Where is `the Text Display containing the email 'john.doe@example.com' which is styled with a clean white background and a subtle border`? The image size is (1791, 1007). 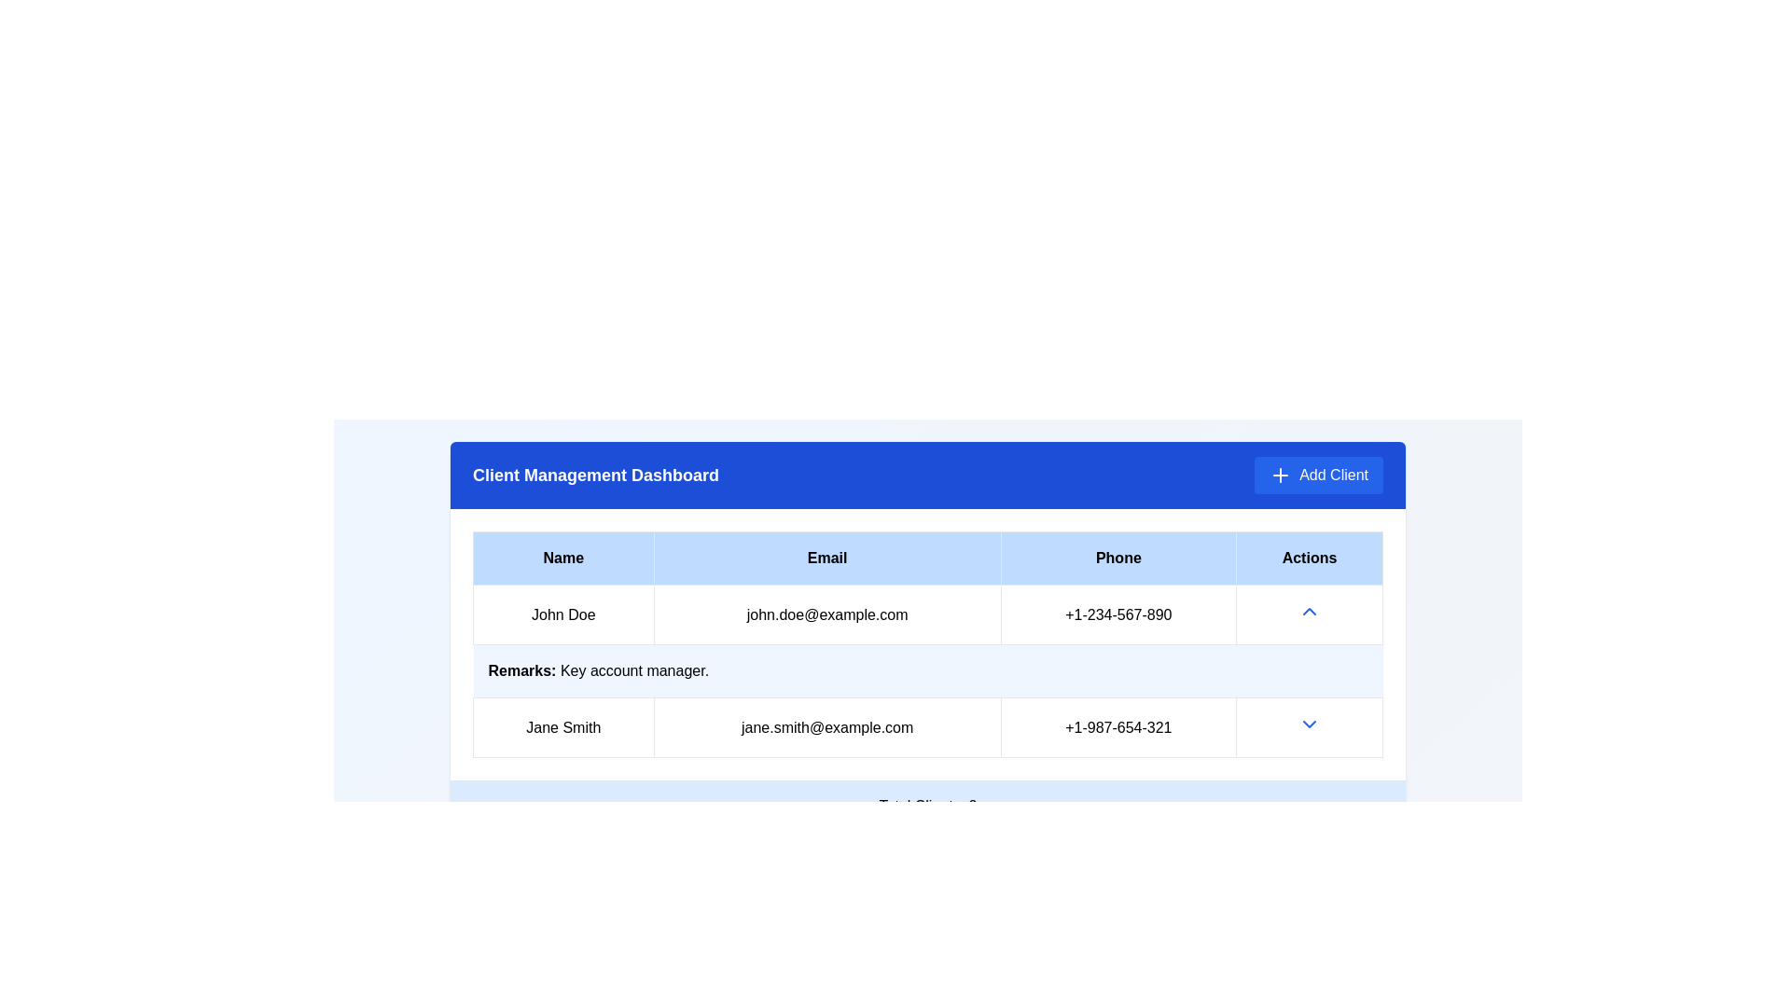 the Text Display containing the email 'john.doe@example.com' which is styled with a clean white background and a subtle border is located at coordinates (826, 614).